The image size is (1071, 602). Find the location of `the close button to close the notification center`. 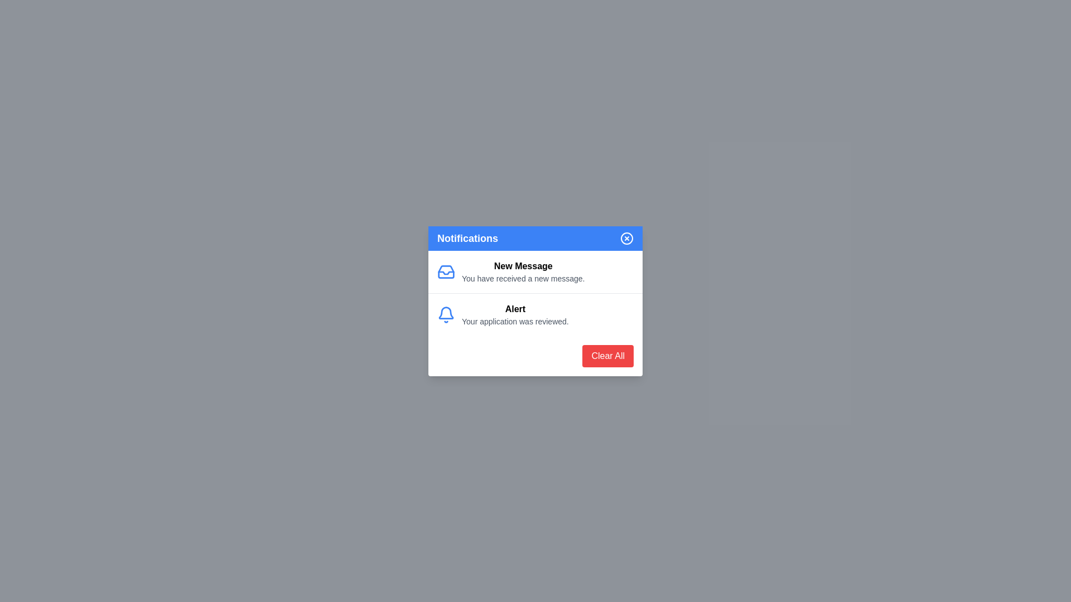

the close button to close the notification center is located at coordinates (626, 237).